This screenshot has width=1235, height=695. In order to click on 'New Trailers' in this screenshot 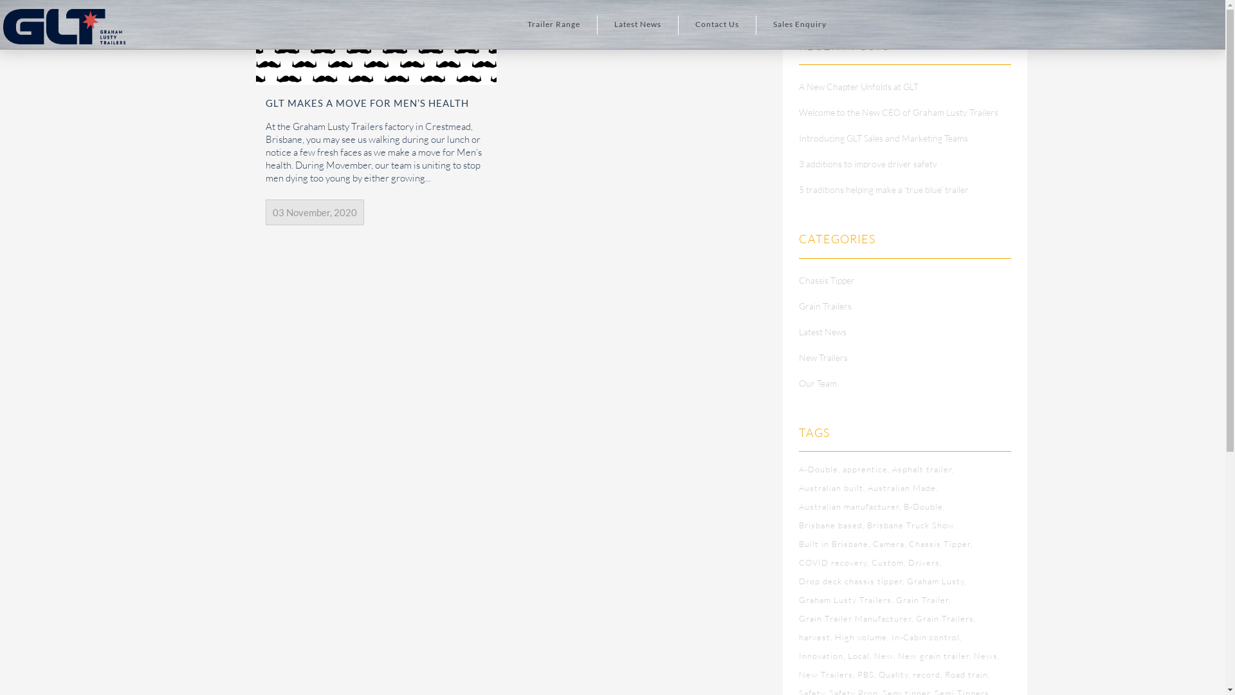, I will do `click(823, 357)`.